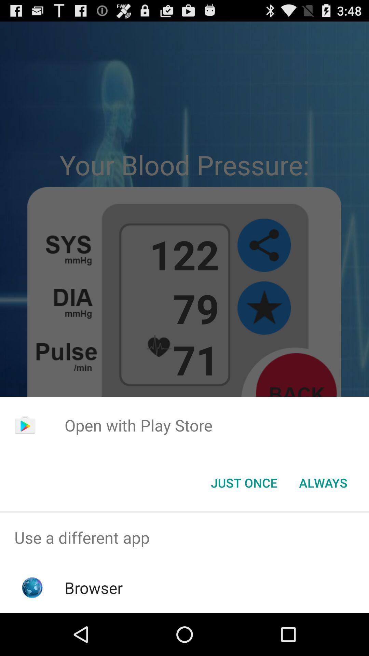 The height and width of the screenshot is (656, 369). What do you see at coordinates (94, 587) in the screenshot?
I see `the icon below the use a different icon` at bounding box center [94, 587].